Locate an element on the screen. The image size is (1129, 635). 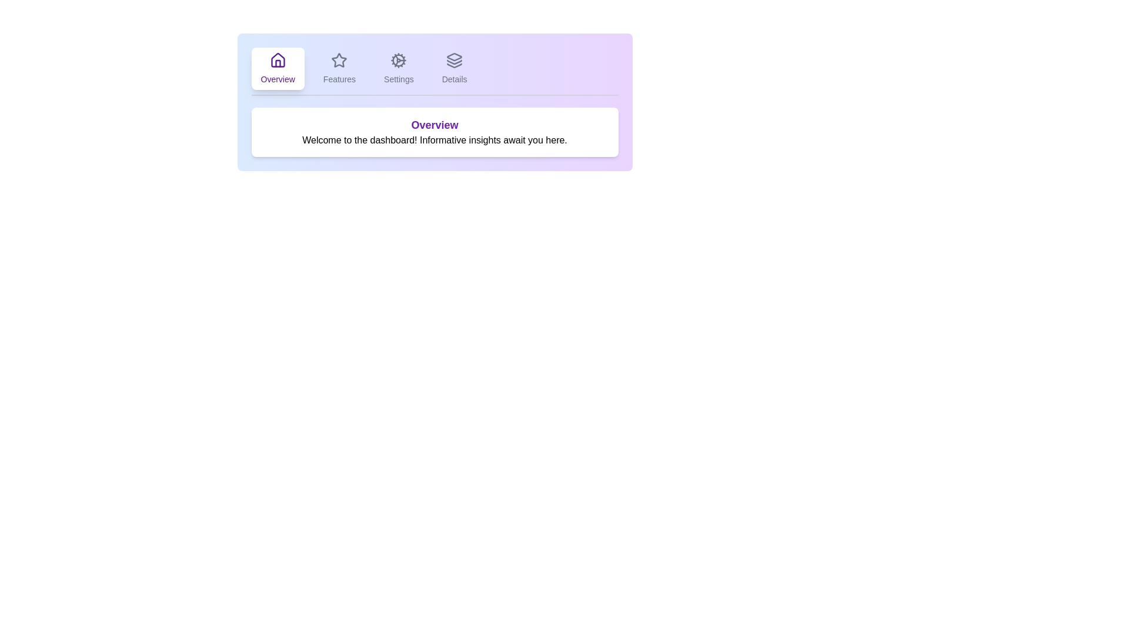
the Features tab by clicking on its label or icon is located at coordinates (338, 68).